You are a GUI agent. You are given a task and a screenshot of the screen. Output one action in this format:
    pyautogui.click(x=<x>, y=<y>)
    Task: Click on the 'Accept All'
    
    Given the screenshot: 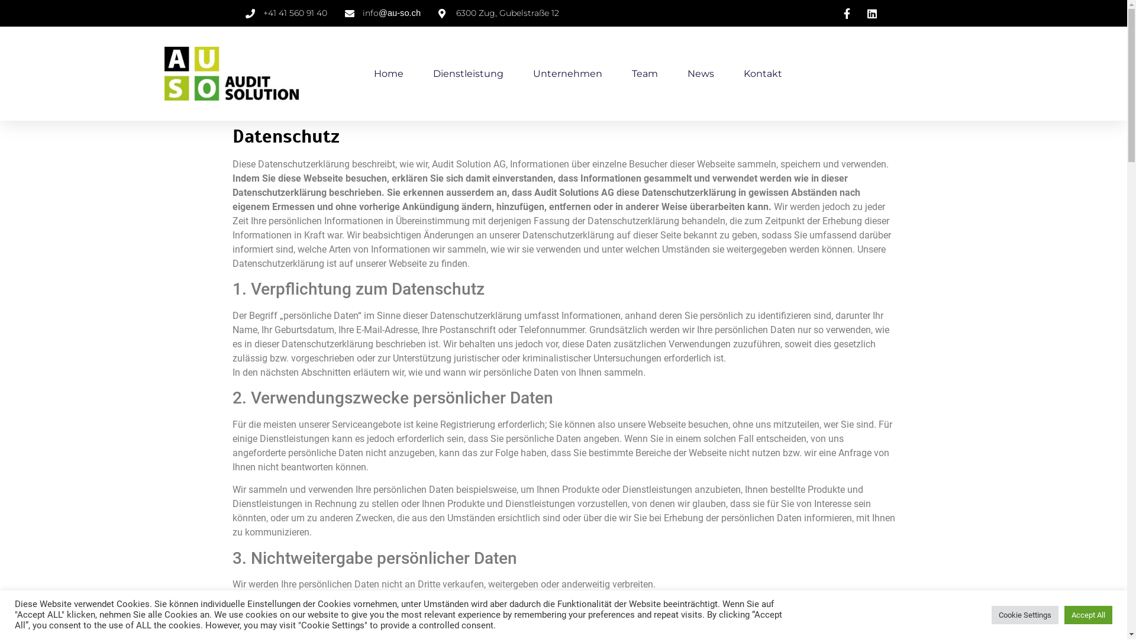 What is the action you would take?
    pyautogui.click(x=1064, y=614)
    